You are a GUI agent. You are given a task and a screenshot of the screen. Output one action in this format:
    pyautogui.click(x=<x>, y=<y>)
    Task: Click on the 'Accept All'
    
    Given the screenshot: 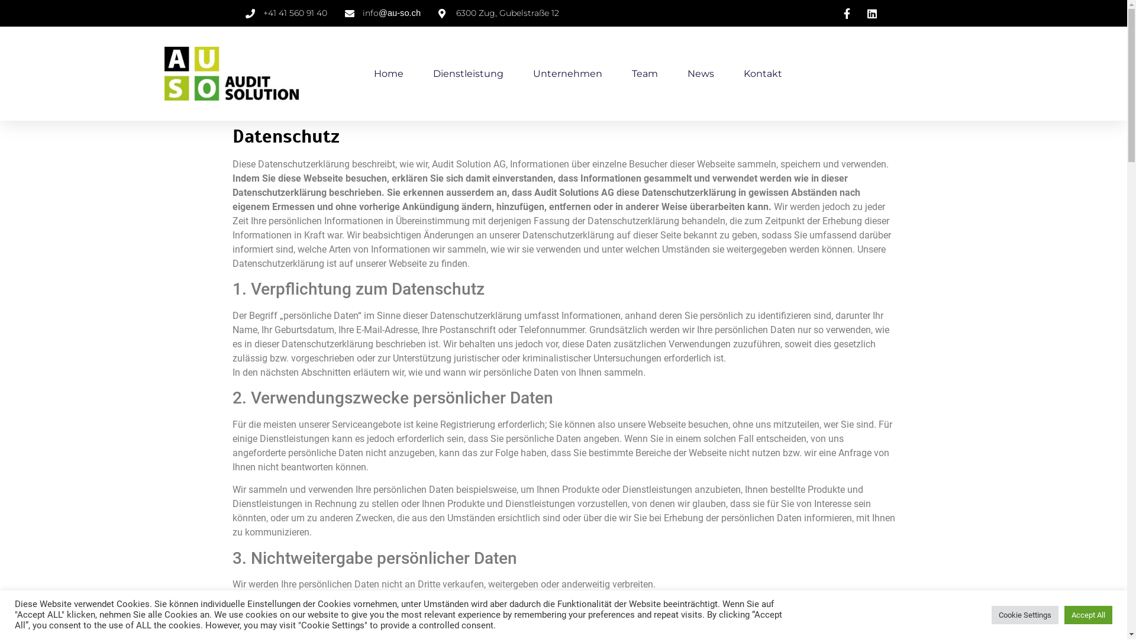 What is the action you would take?
    pyautogui.click(x=1064, y=614)
    